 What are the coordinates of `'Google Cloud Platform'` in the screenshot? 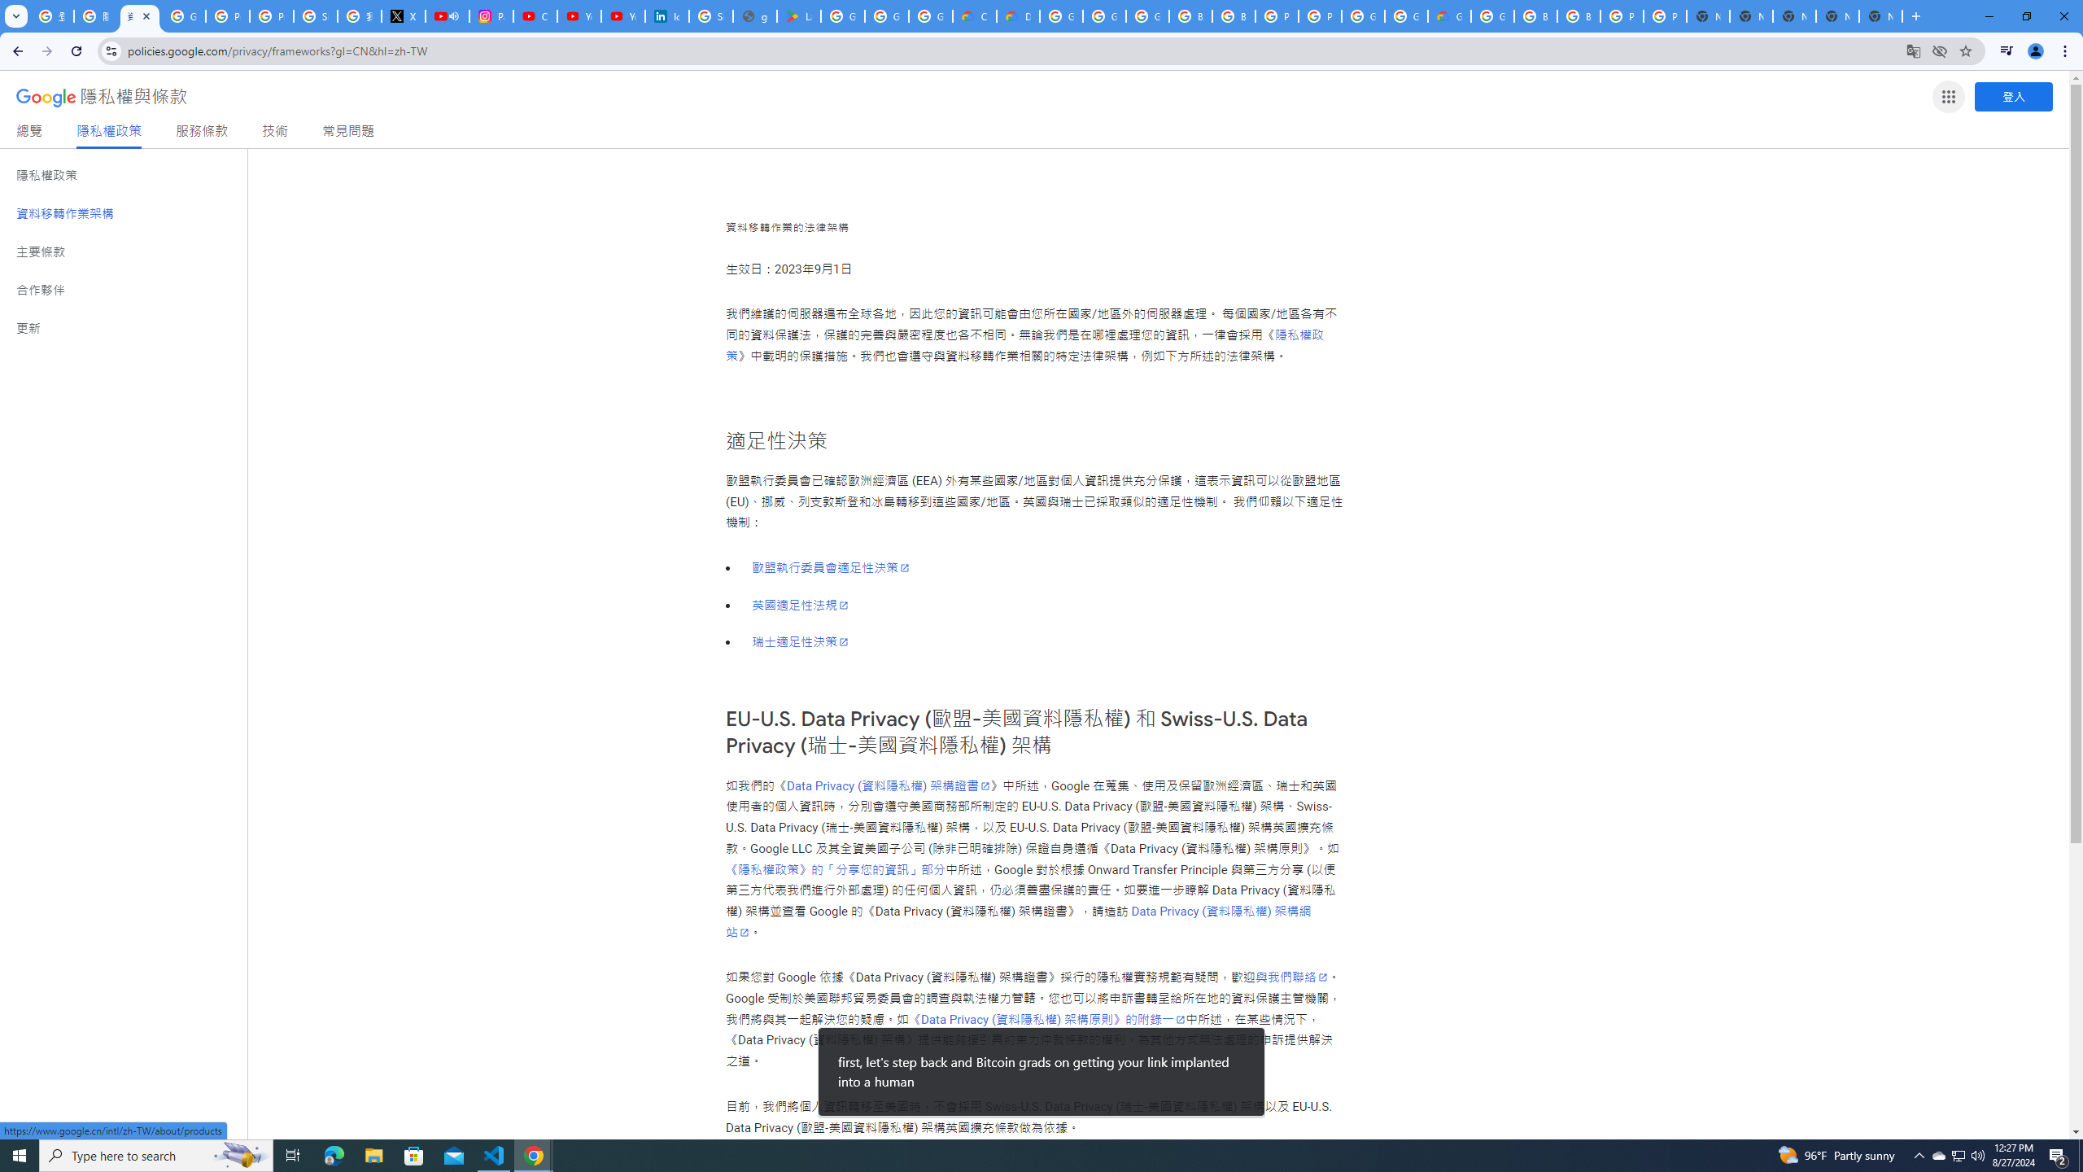 It's located at (1363, 15).